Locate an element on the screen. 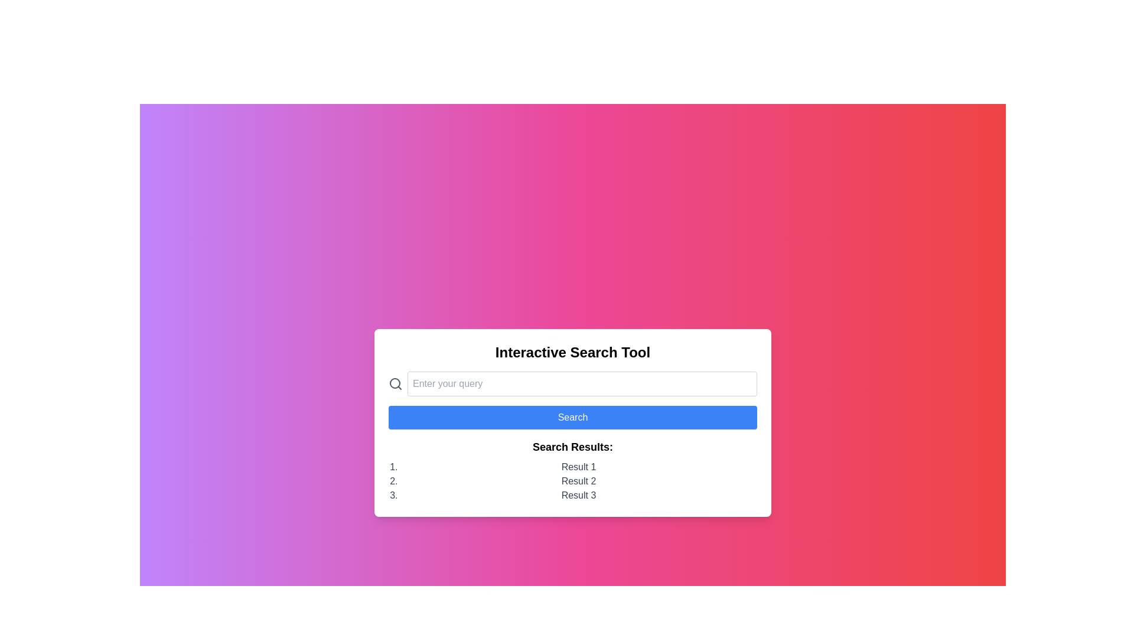 The height and width of the screenshot is (638, 1134). text of the third search result displayed in the Text label located below 'Result 2' is located at coordinates (578, 496).